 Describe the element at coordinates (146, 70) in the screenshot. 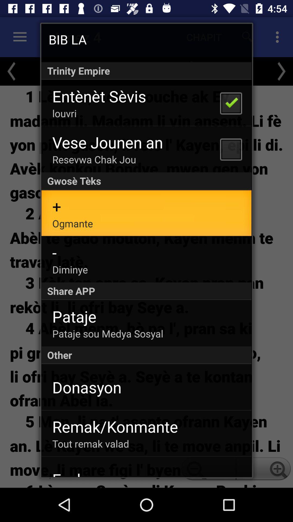

I see `the trinity empire item` at that location.